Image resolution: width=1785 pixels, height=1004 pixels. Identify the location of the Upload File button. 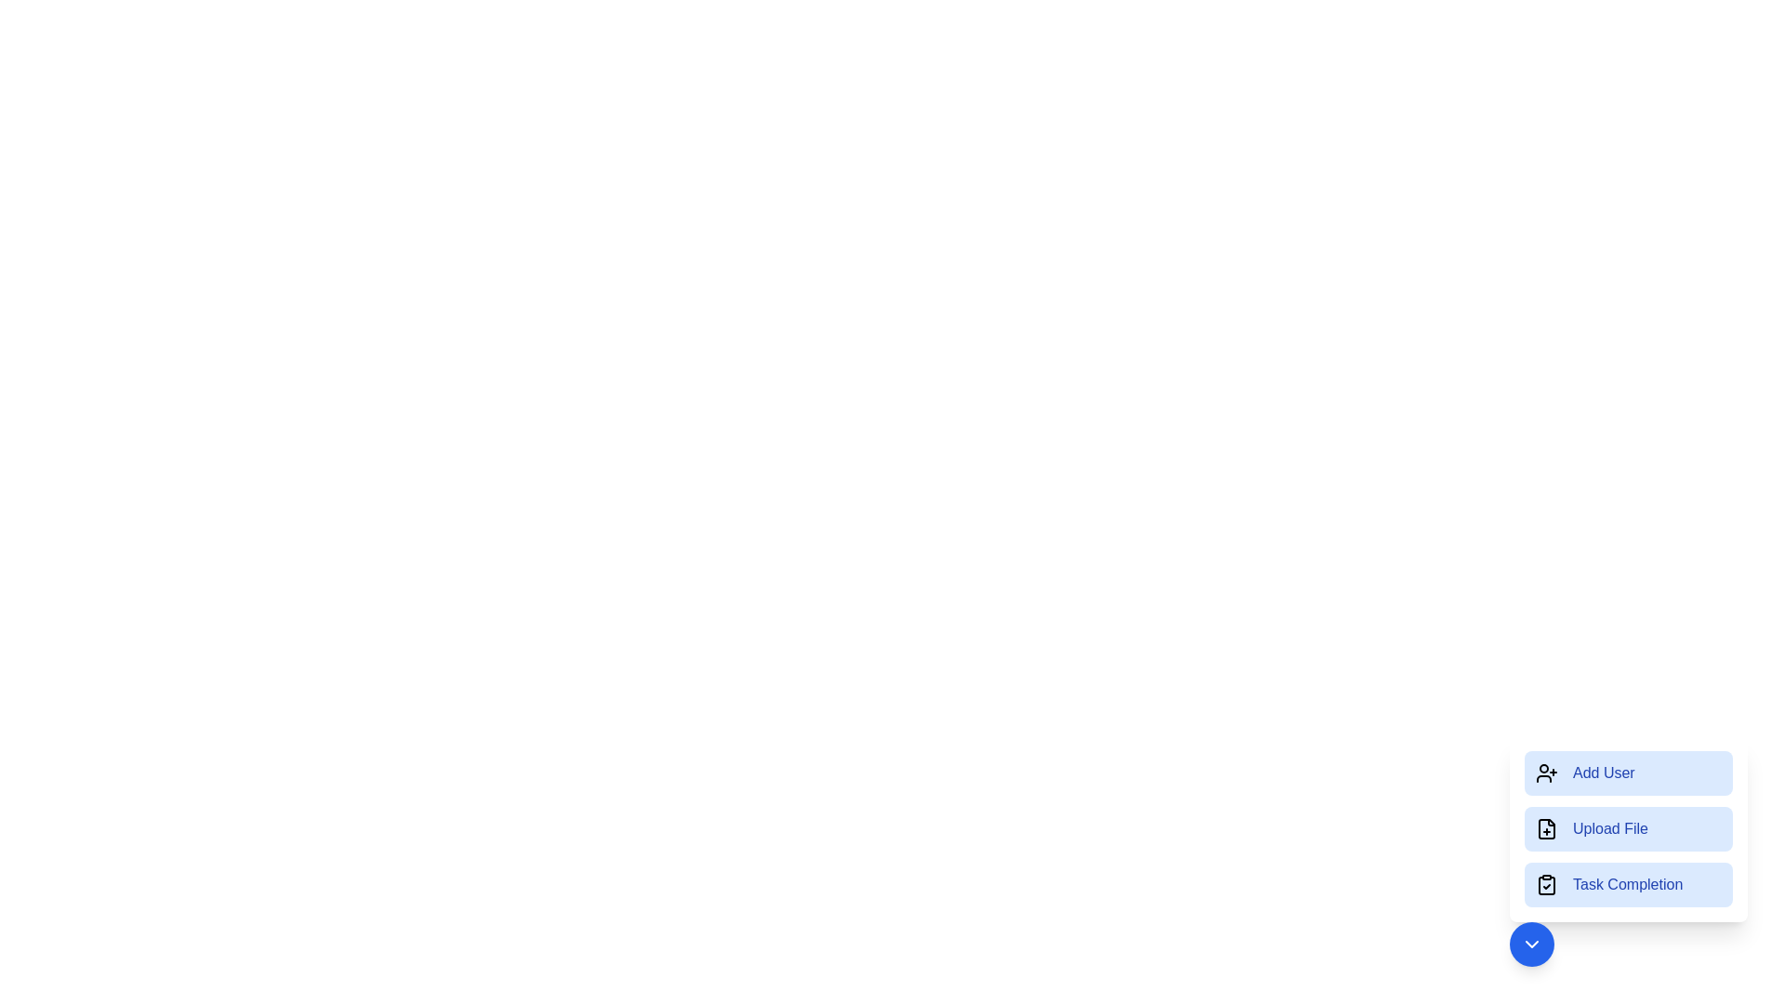
(1628, 827).